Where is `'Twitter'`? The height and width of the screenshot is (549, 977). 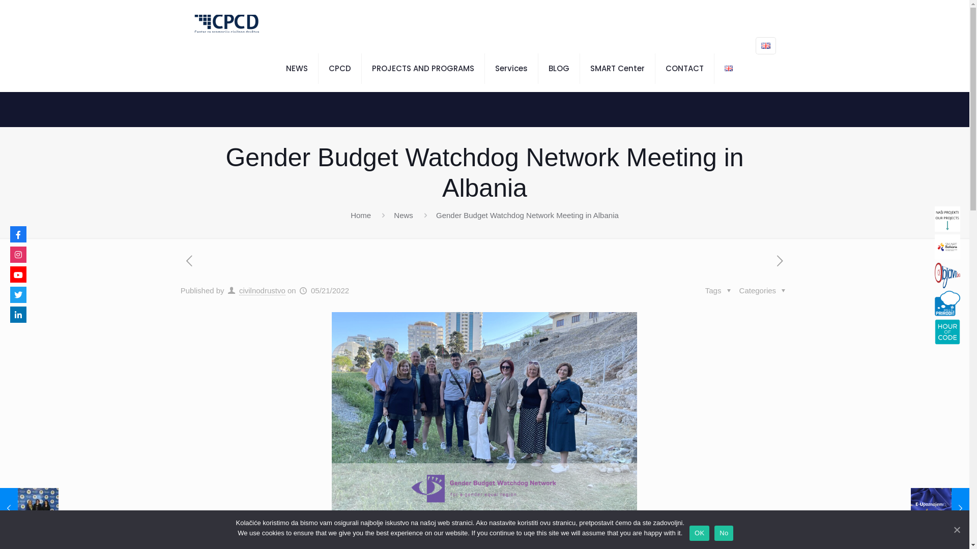
'Twitter' is located at coordinates (18, 294).